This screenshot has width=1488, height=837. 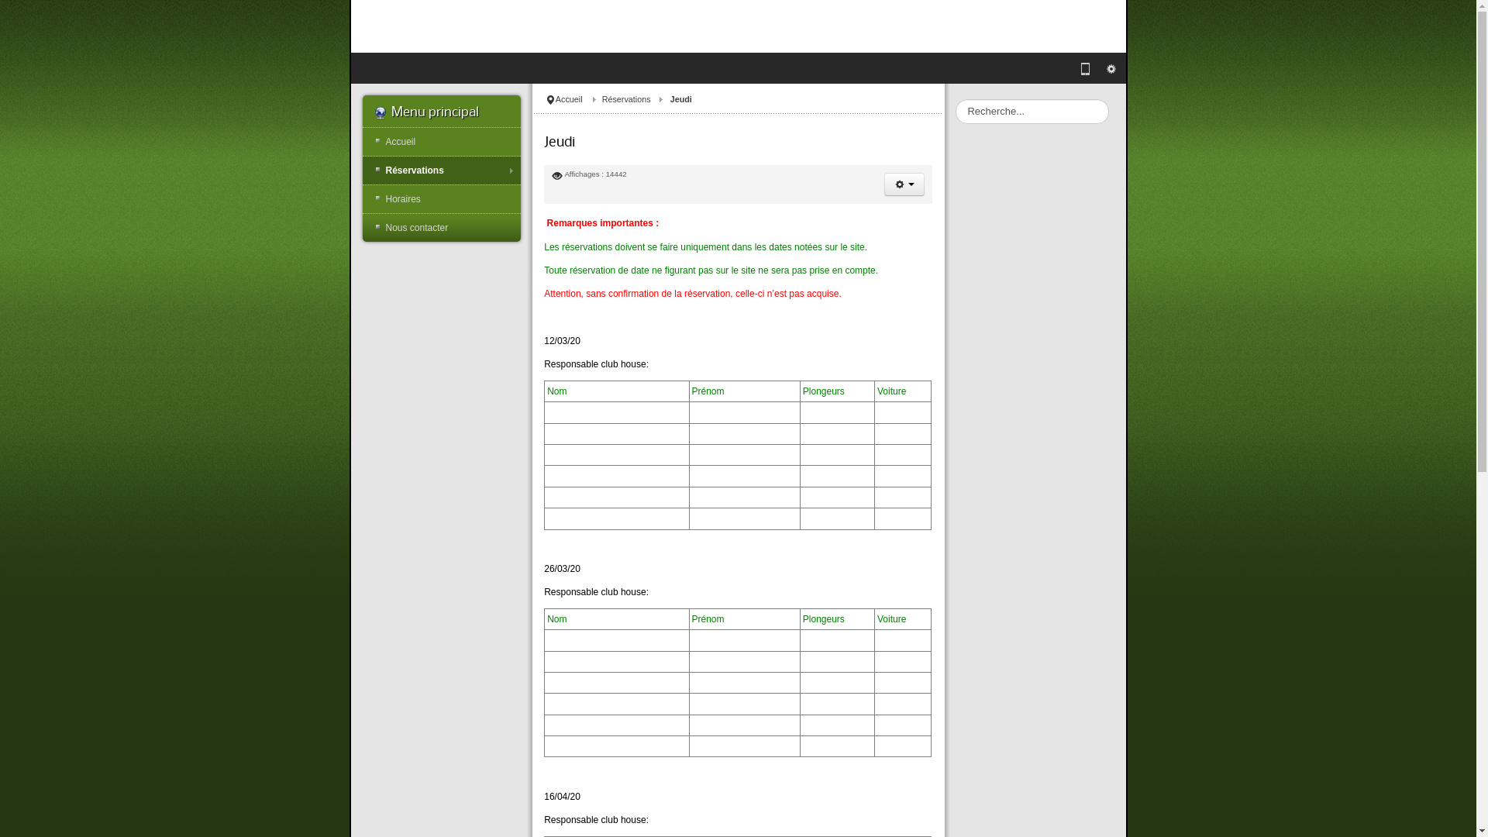 What do you see at coordinates (441, 198) in the screenshot?
I see `'Horaires'` at bounding box center [441, 198].